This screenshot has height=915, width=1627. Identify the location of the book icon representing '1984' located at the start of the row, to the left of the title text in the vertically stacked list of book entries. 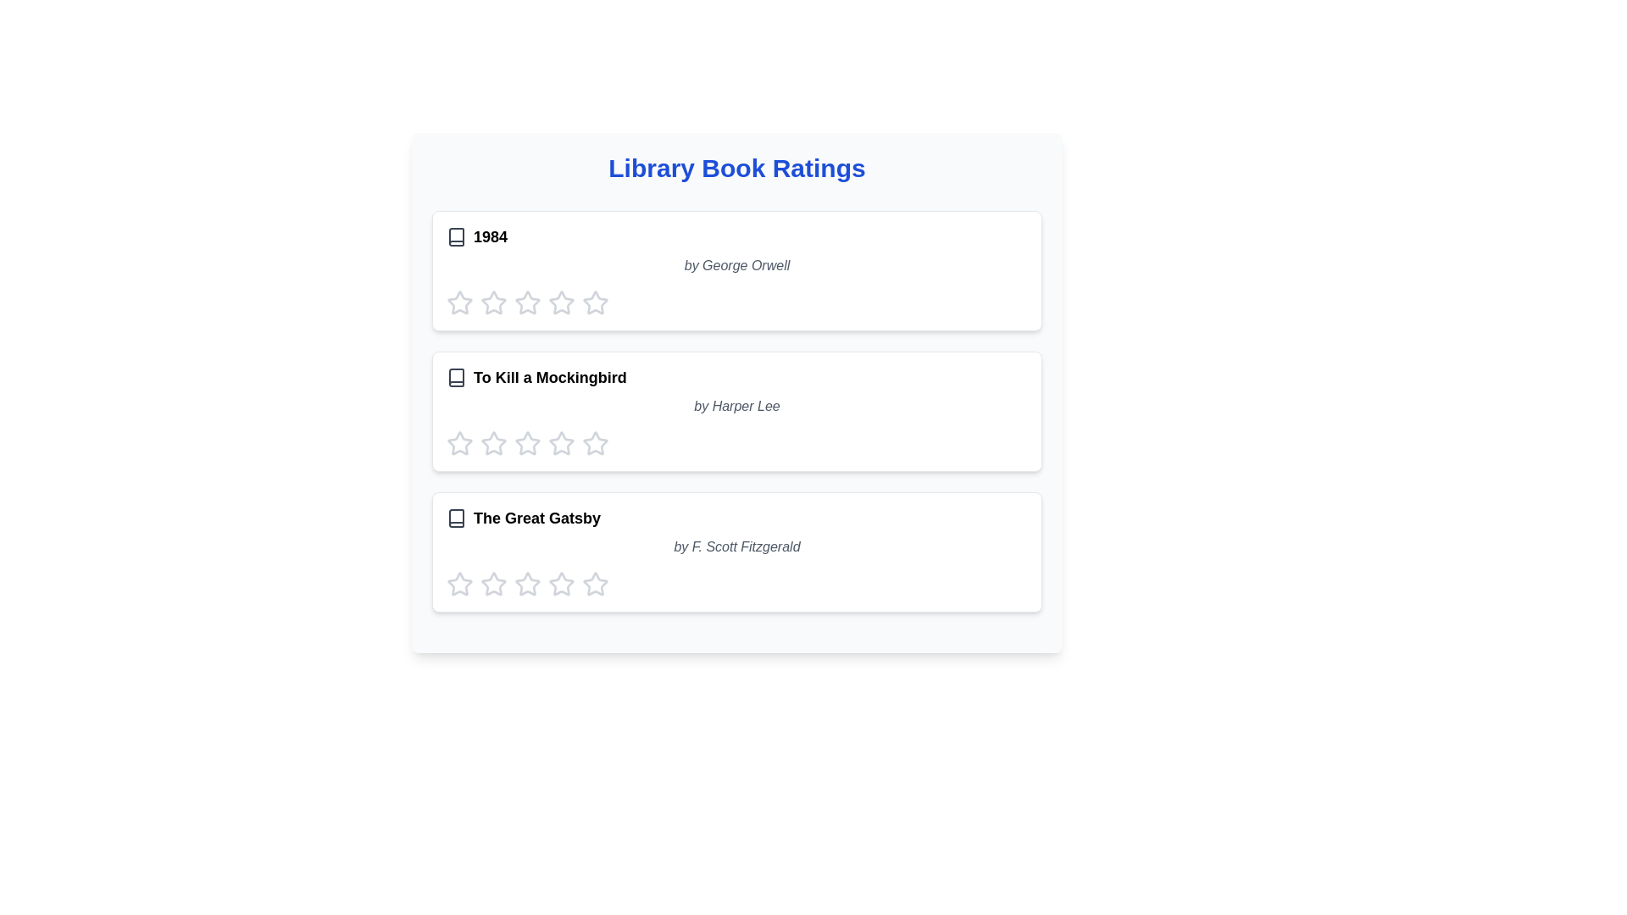
(456, 237).